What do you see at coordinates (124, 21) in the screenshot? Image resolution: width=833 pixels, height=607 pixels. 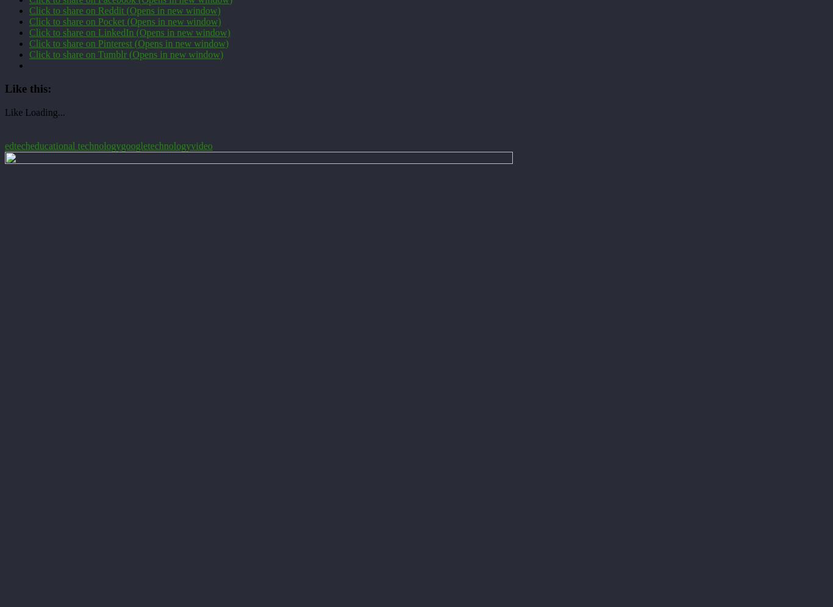 I see `'Click to share on Pocket (Opens in new window)'` at bounding box center [124, 21].